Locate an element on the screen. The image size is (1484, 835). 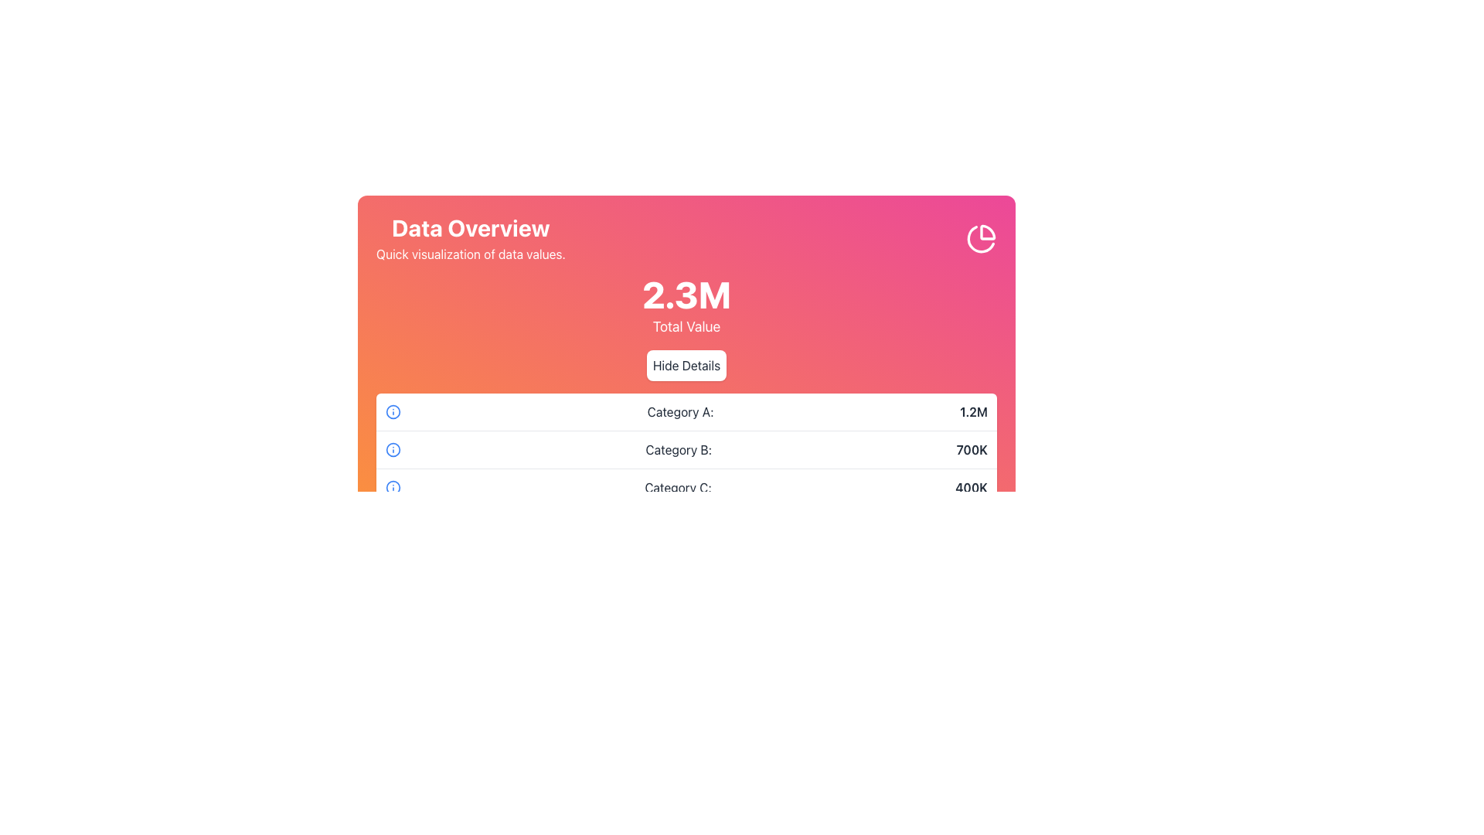
the third row of the data overview table that displays the label 'Category C:' and the numeric summary '400K'. This row is the bottom-most entry in the table structure is located at coordinates (686, 487).